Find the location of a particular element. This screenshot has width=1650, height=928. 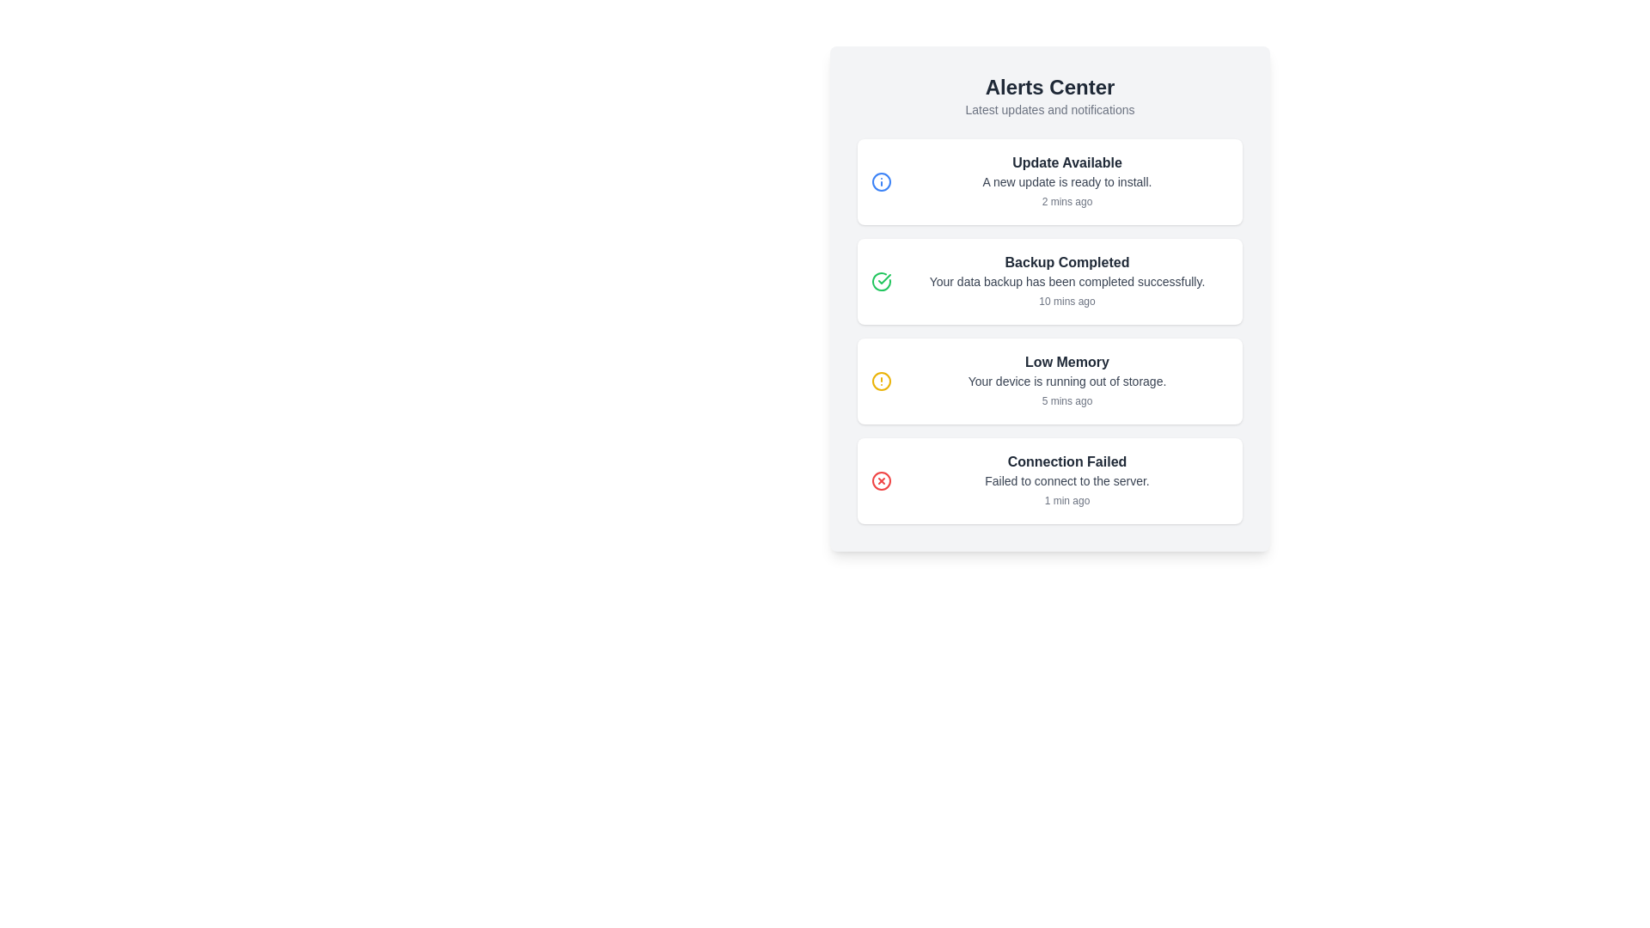

the information icon (circle within an information symbol) next to the 'Update Available' notification at the top of the 'Alerts Center' interface is located at coordinates (882, 182).